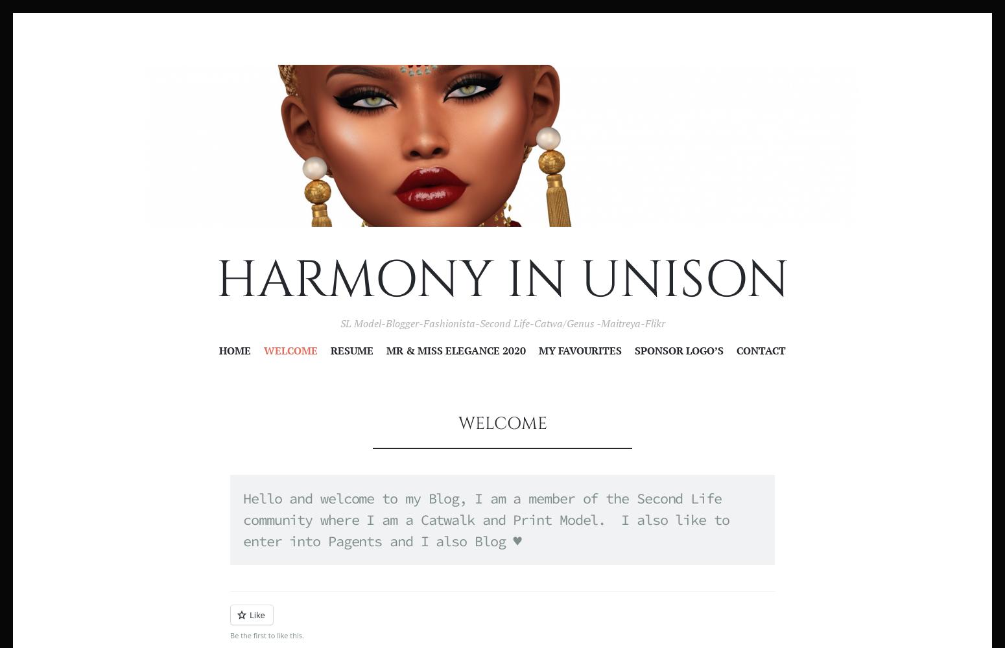  I want to click on 'My Favourites', so click(580, 351).